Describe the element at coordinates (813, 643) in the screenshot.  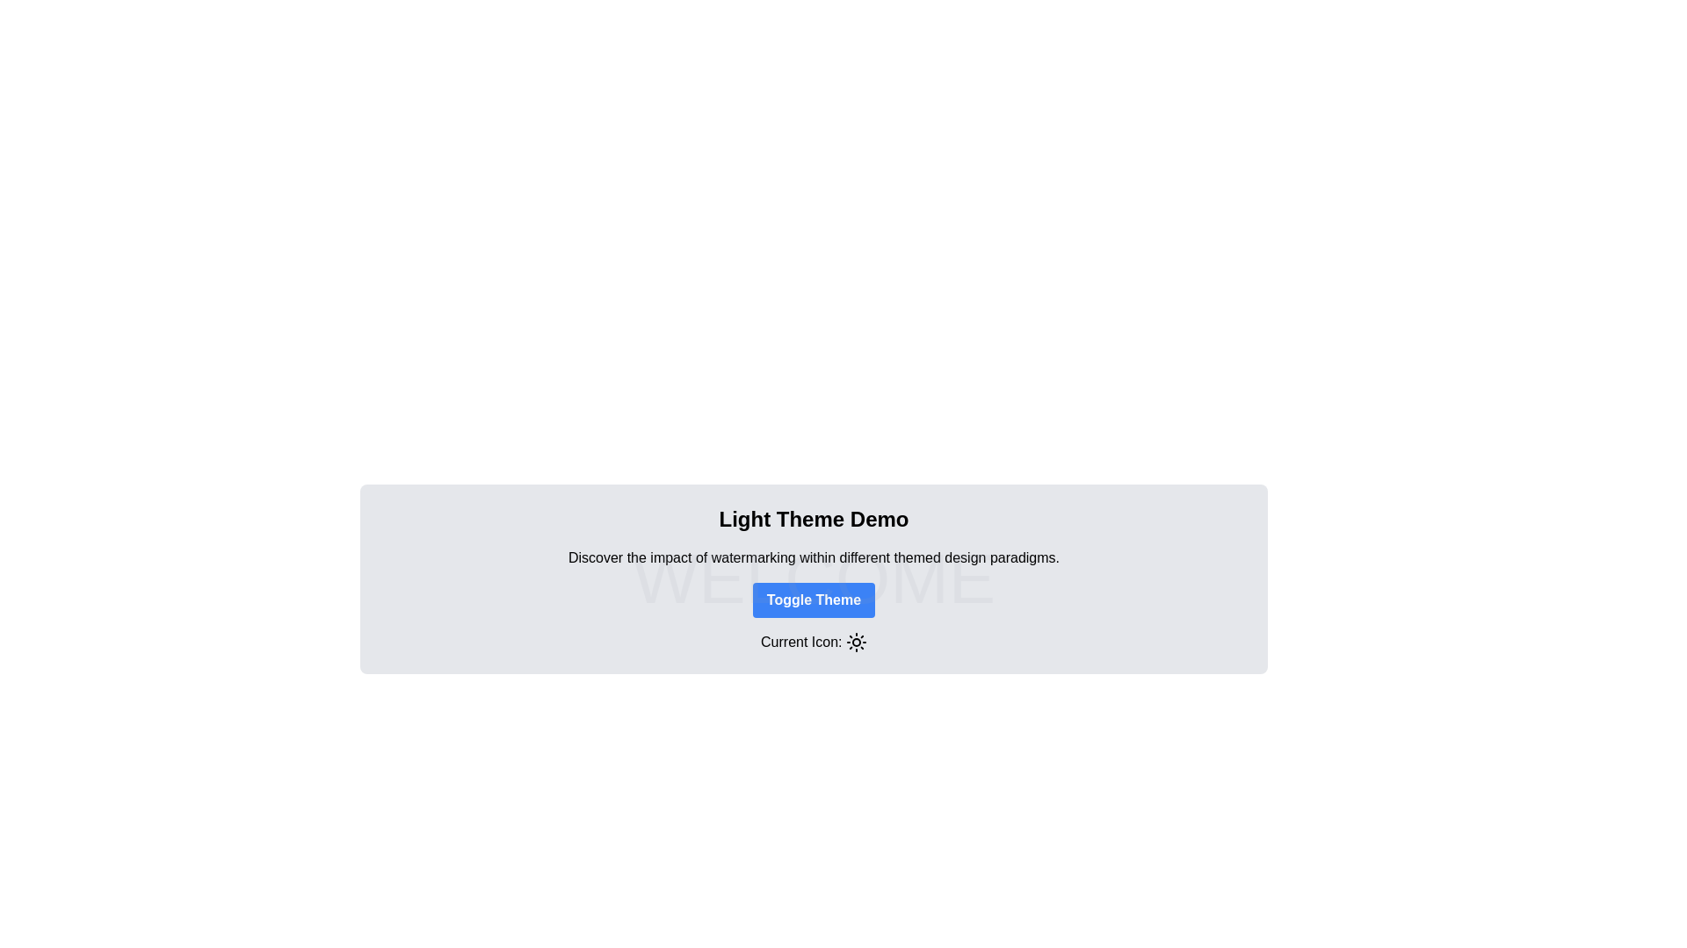
I see `displayed text and icon indicating the current theme's state, located directly below the 'Toggle Theme' button` at that location.